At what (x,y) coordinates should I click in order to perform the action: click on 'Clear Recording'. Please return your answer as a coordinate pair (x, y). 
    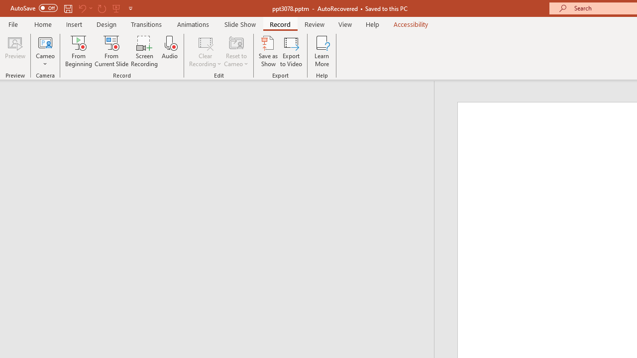
    Looking at the image, I should click on (205, 51).